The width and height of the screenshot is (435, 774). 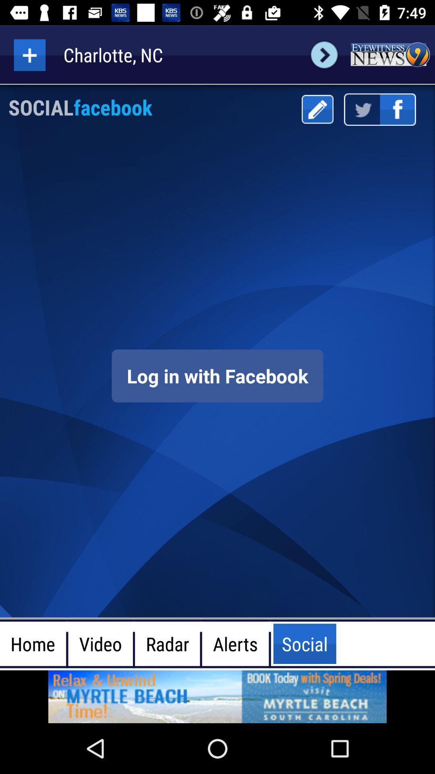 What do you see at coordinates (217, 375) in the screenshot?
I see `facebook` at bounding box center [217, 375].